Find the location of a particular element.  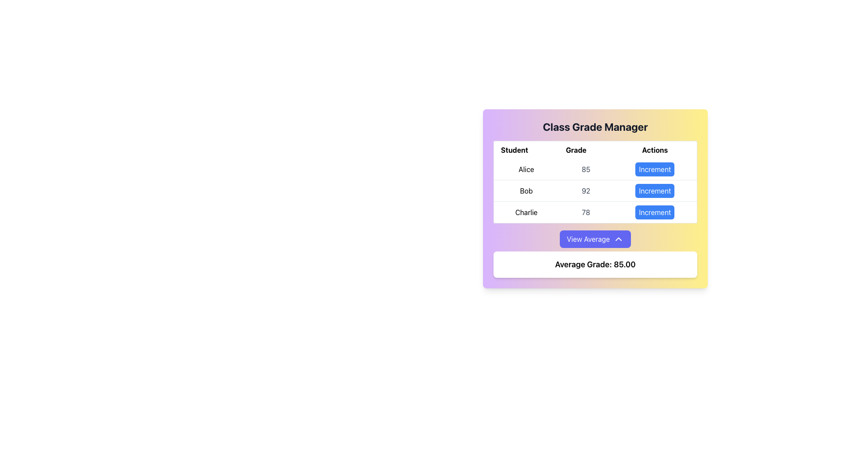

the Text Label displaying 'Average Grade: 85.00', which is located within a white rounded rectangle at the bottom of the 'Class Grade Manager' interface is located at coordinates (595, 264).